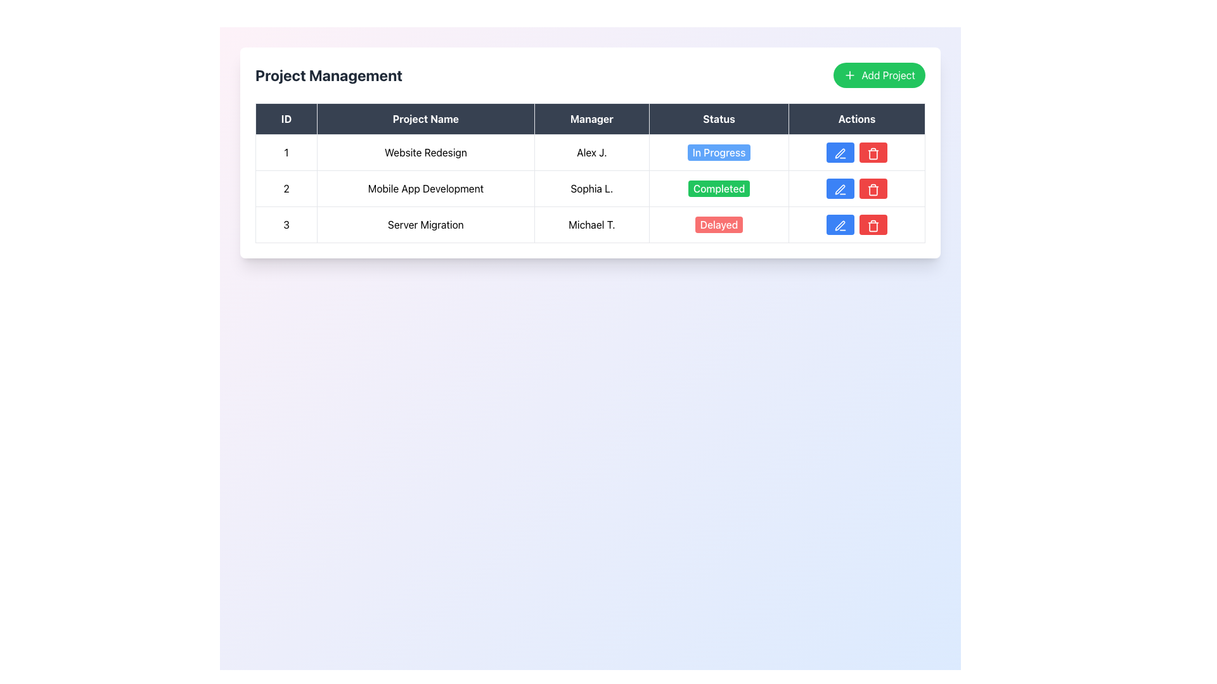 The height and width of the screenshot is (684, 1217). Describe the element at coordinates (719, 151) in the screenshot. I see `status of the label styled as a button with a blue background and white text that reads 'In Progress' located in the 'Status' column of the first row of the project management table for the 'Website Redesign' project` at that location.